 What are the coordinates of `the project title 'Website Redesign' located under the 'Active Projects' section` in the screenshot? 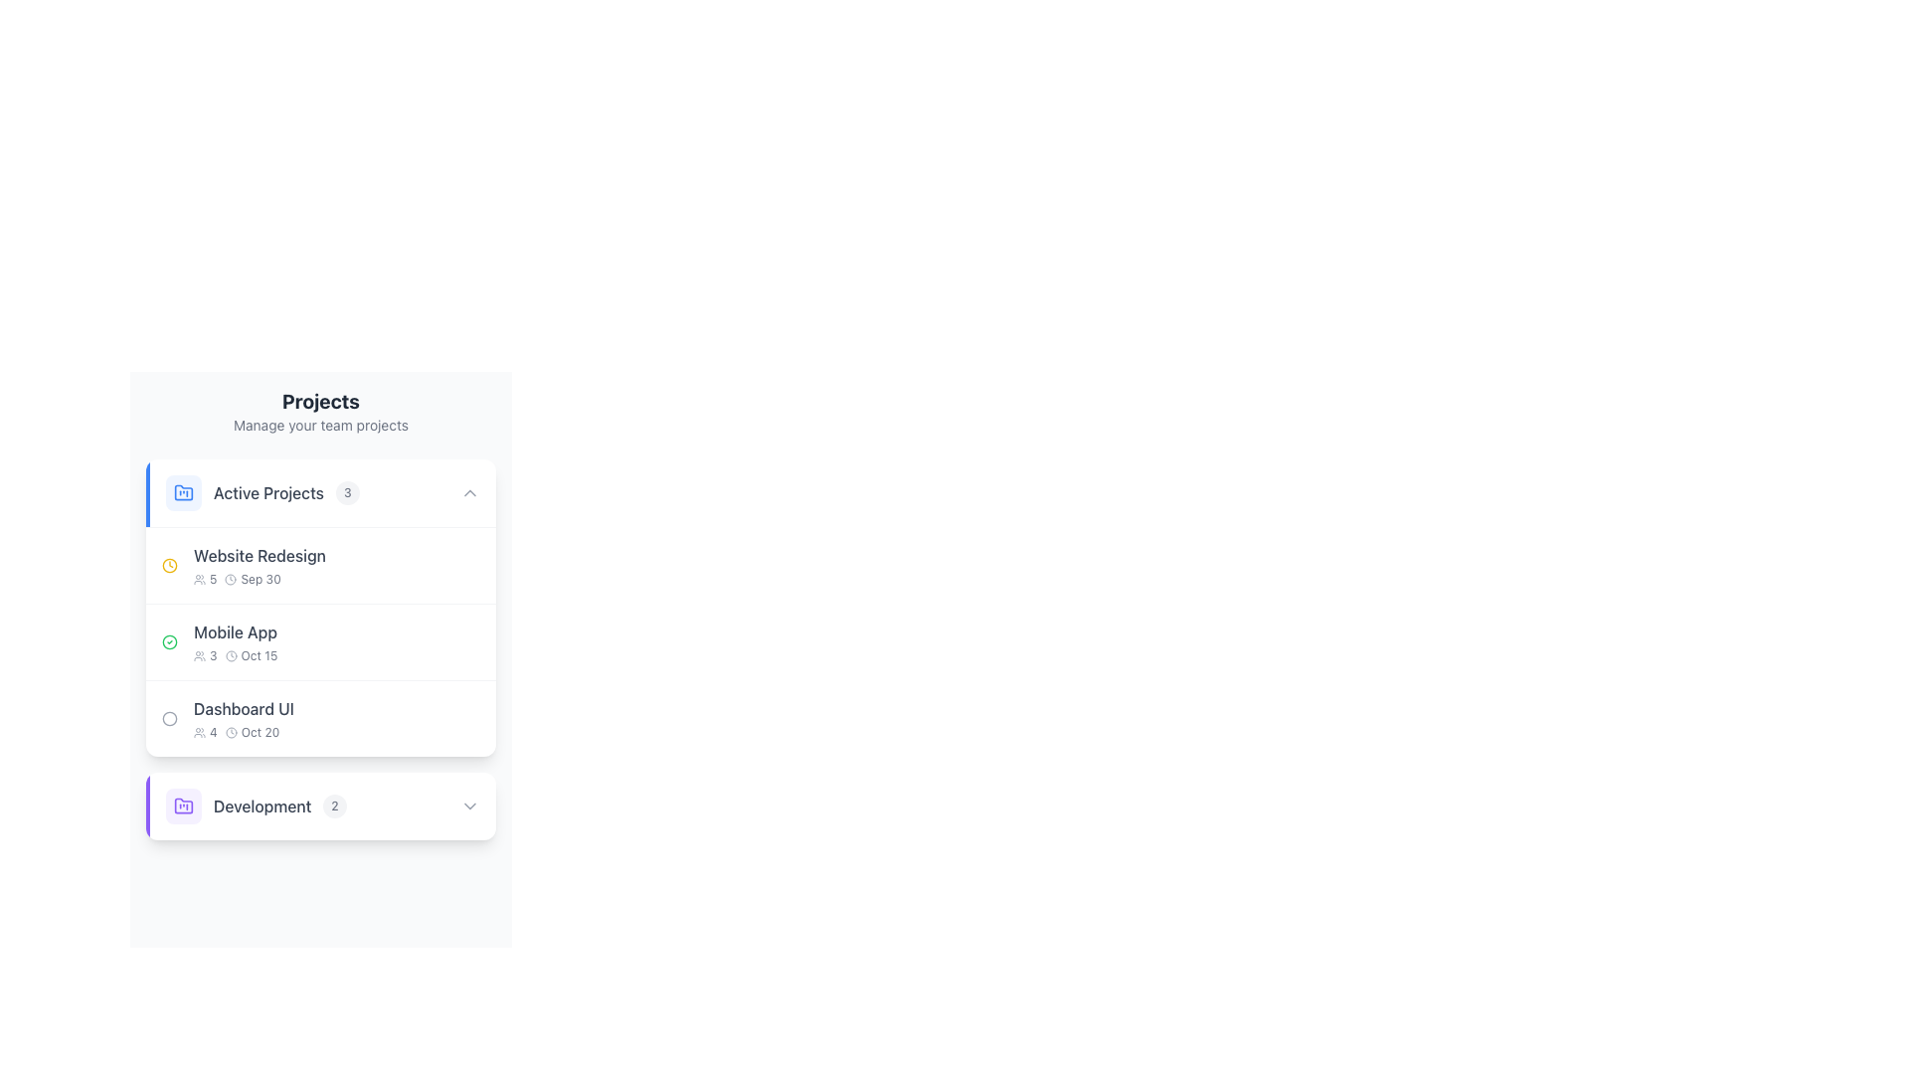 It's located at (243, 566).